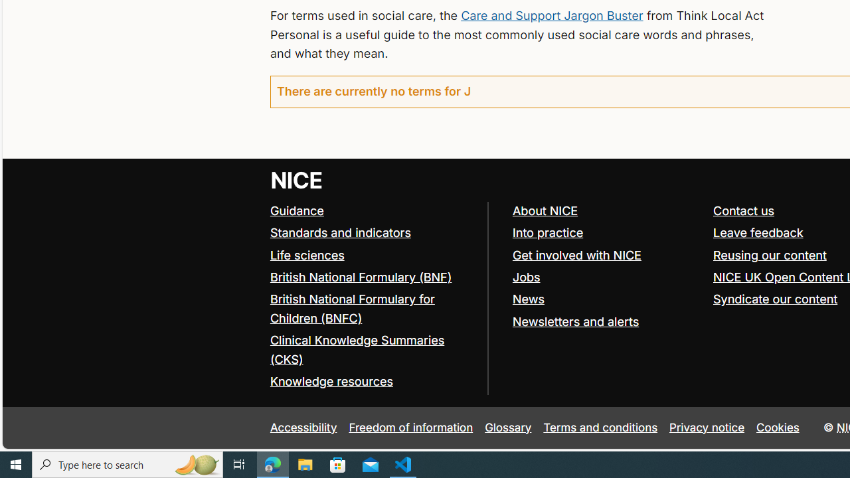  Describe the element at coordinates (545, 210) in the screenshot. I see `'About NICE'` at that location.